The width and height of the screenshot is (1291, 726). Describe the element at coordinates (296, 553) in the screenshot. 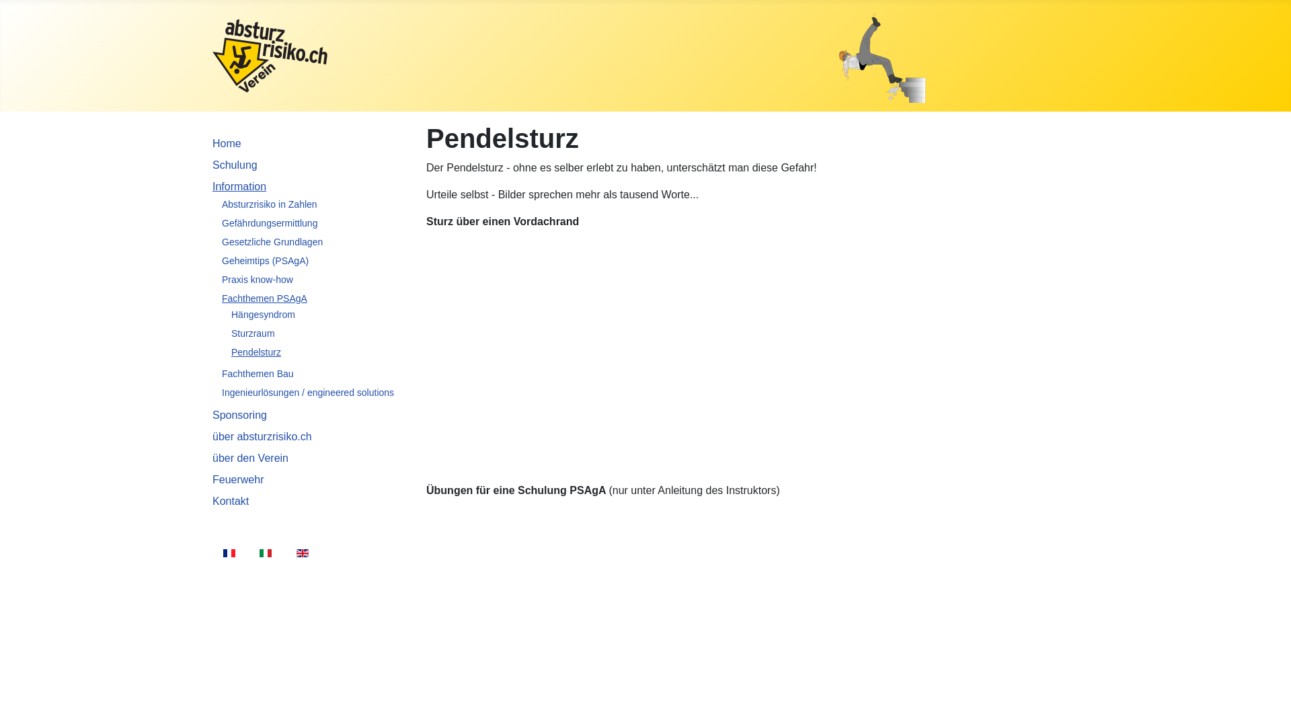

I see `'English (UK)'` at that location.